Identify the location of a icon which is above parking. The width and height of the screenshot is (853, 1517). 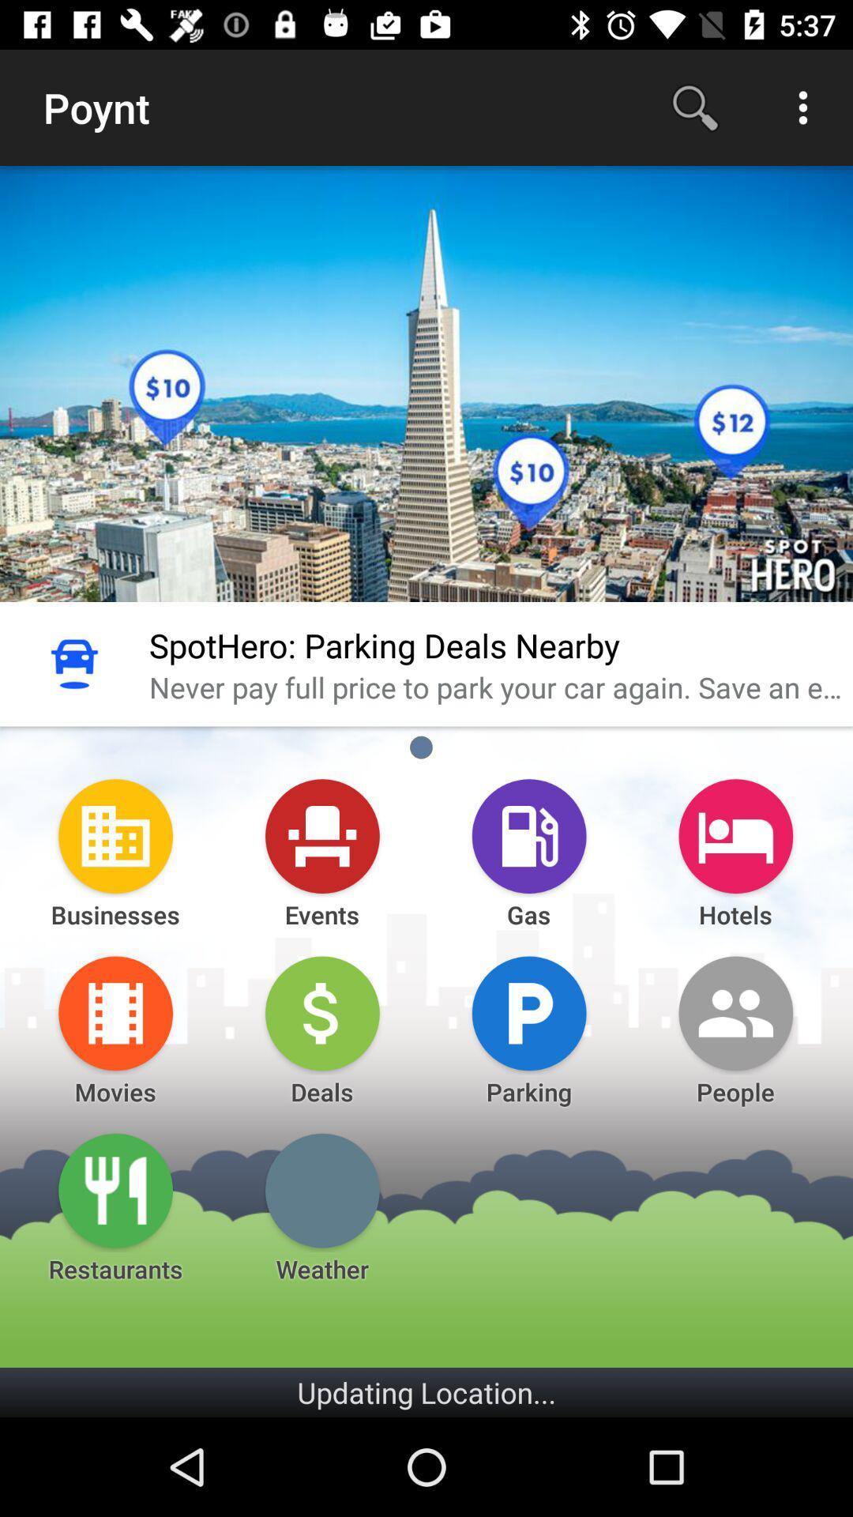
(529, 1013).